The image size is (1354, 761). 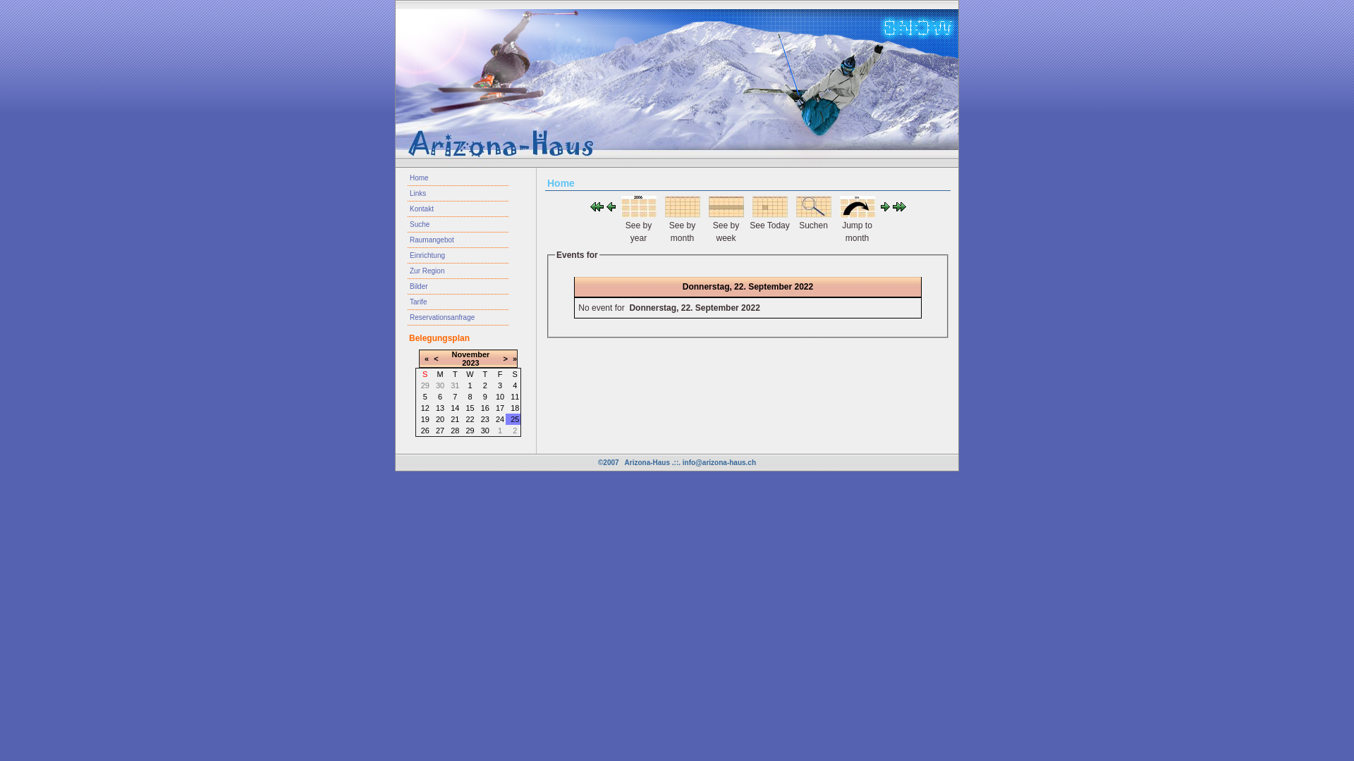 What do you see at coordinates (898, 209) in the screenshot?
I see `'Next month'` at bounding box center [898, 209].